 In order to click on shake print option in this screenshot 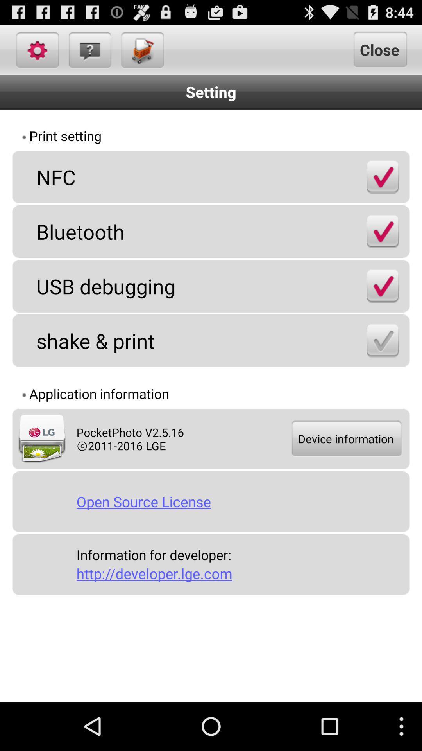, I will do `click(382, 340)`.